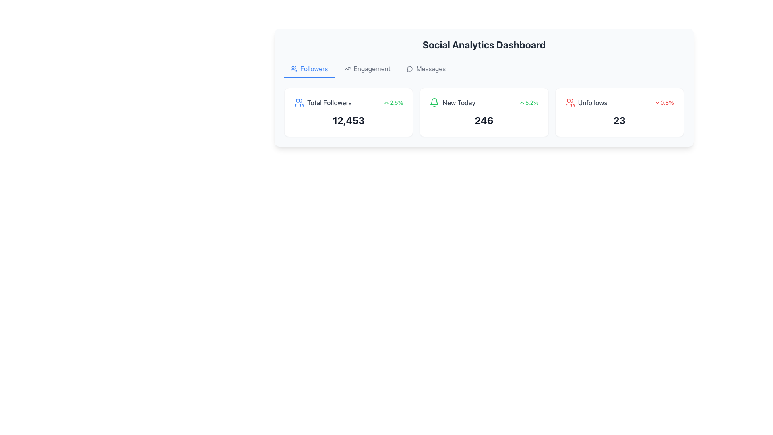 This screenshot has height=435, width=773. Describe the element at coordinates (367, 69) in the screenshot. I see `the second menu item in the navigation bar` at that location.